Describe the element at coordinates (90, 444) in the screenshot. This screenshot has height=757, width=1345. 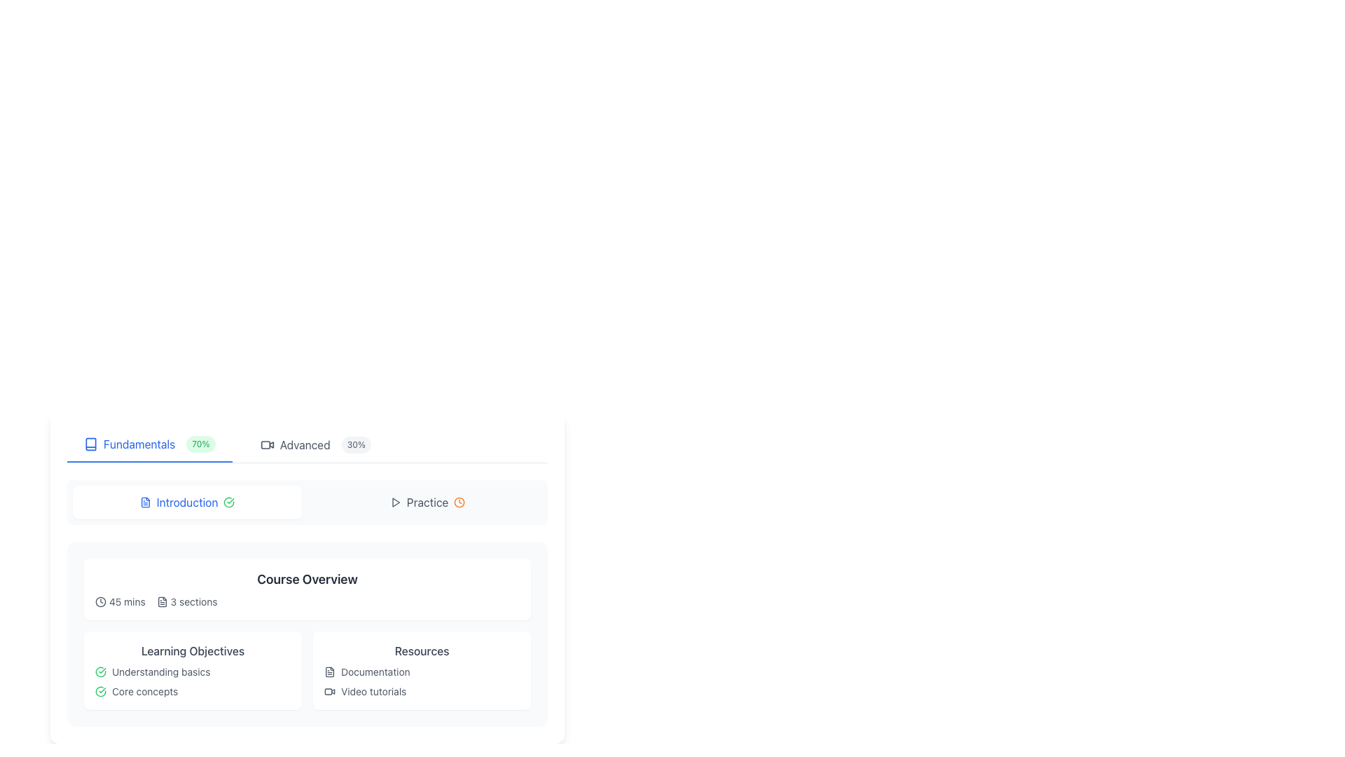
I see `the book icon representing the learning concept next to the text 'Fundamentals' in the section titled 'Fundamentals 70%'` at that location.